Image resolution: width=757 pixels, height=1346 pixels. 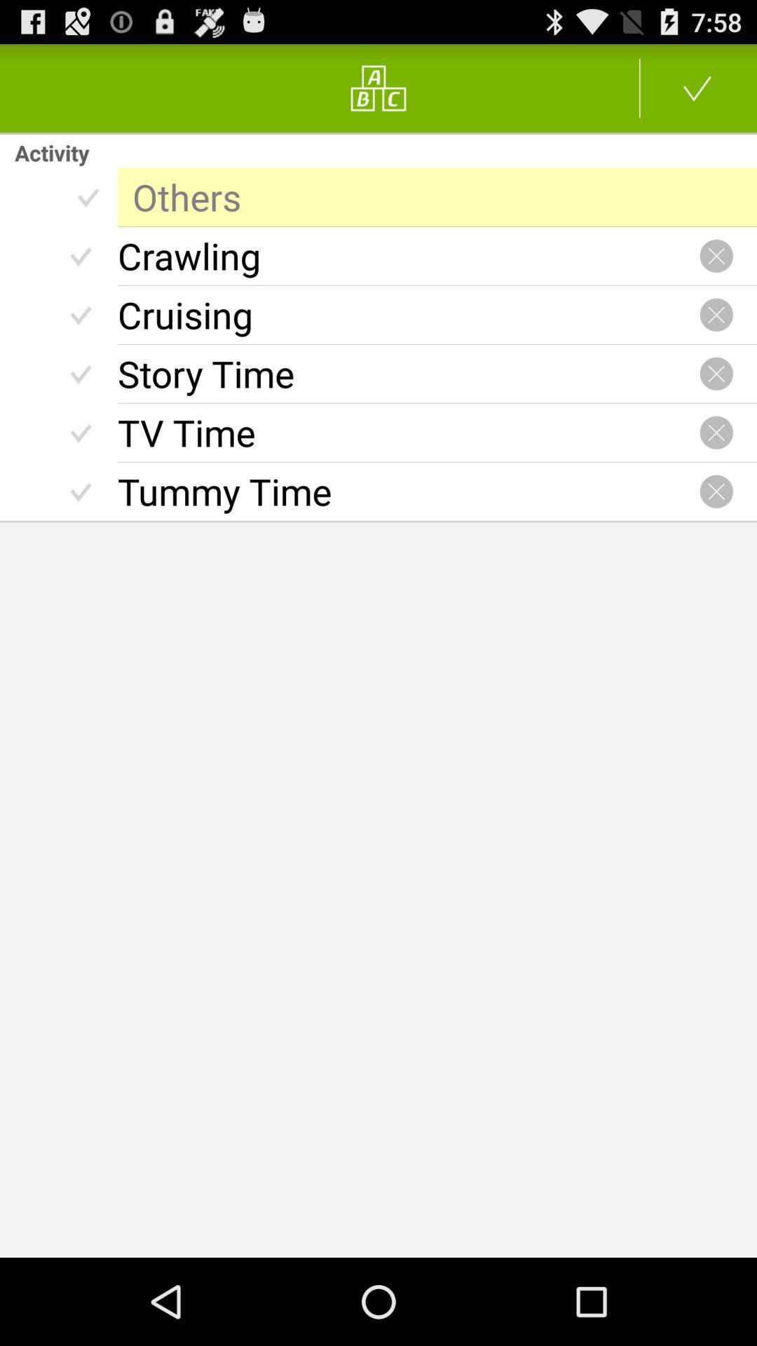 What do you see at coordinates (716, 273) in the screenshot?
I see `the close icon` at bounding box center [716, 273].